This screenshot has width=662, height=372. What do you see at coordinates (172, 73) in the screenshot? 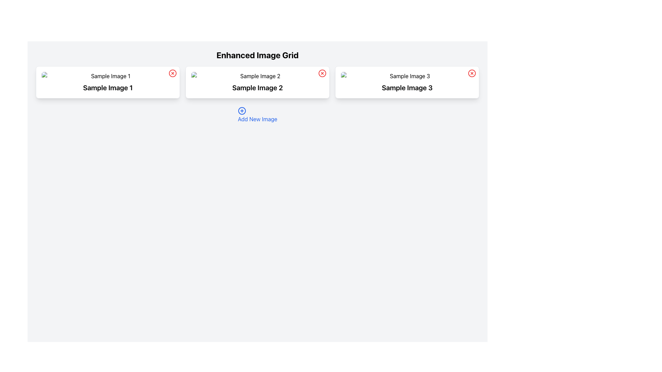
I see `the 'delete' button located at the top-right corner of the card titled 'Sample Image 1'` at bounding box center [172, 73].